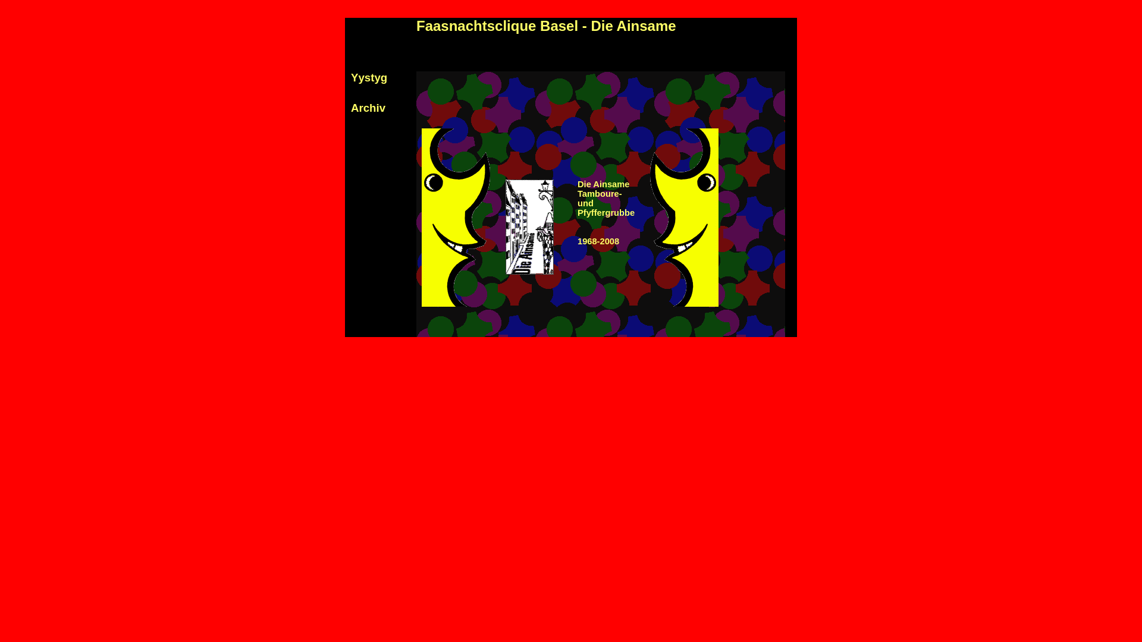 This screenshot has height=642, width=1142. What do you see at coordinates (368, 108) in the screenshot?
I see `'Archiv'` at bounding box center [368, 108].